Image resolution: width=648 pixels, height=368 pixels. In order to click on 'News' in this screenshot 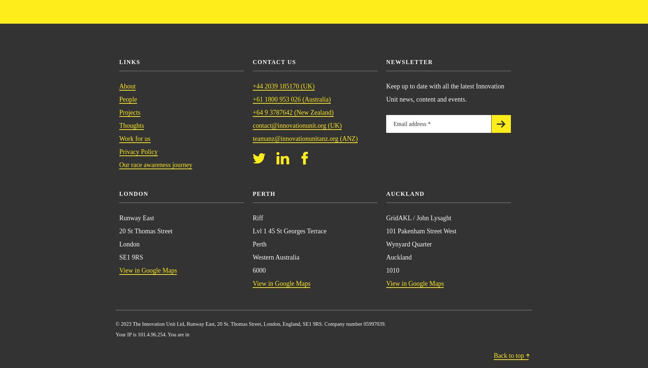, I will do `click(139, 49)`.